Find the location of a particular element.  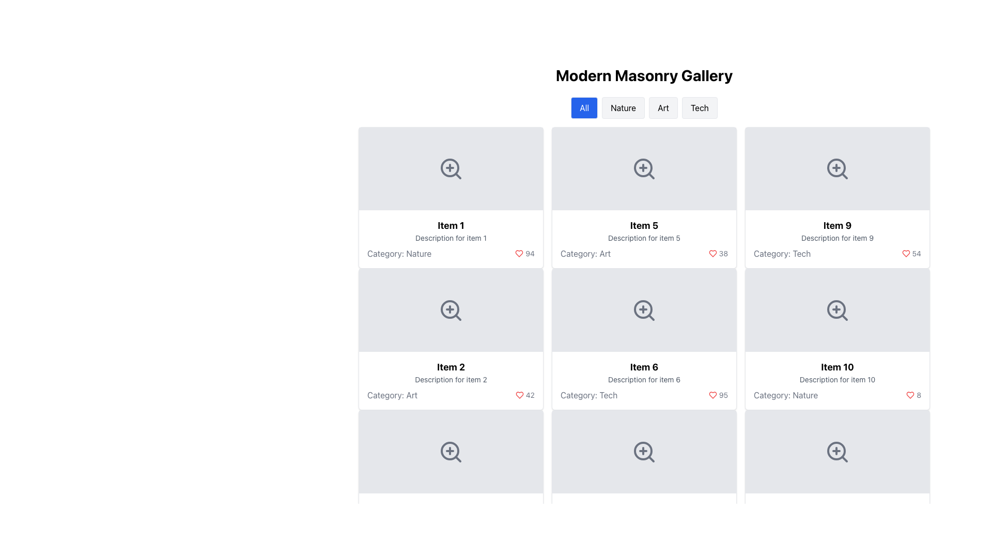

the magnifying glass icon with a plus sign in its center, located in the second row, first column of the grid under 'Modern Masonry Gallery' is located at coordinates (451, 310).